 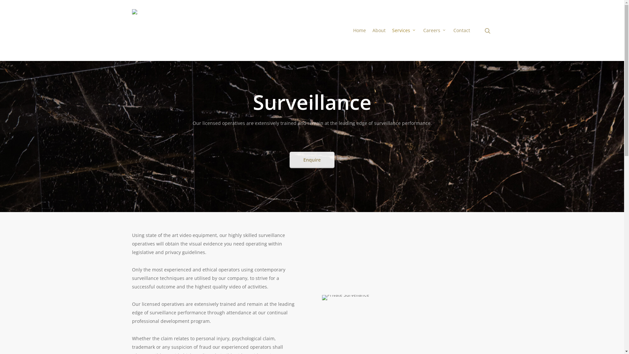 I want to click on 'Contact', so click(x=461, y=30).